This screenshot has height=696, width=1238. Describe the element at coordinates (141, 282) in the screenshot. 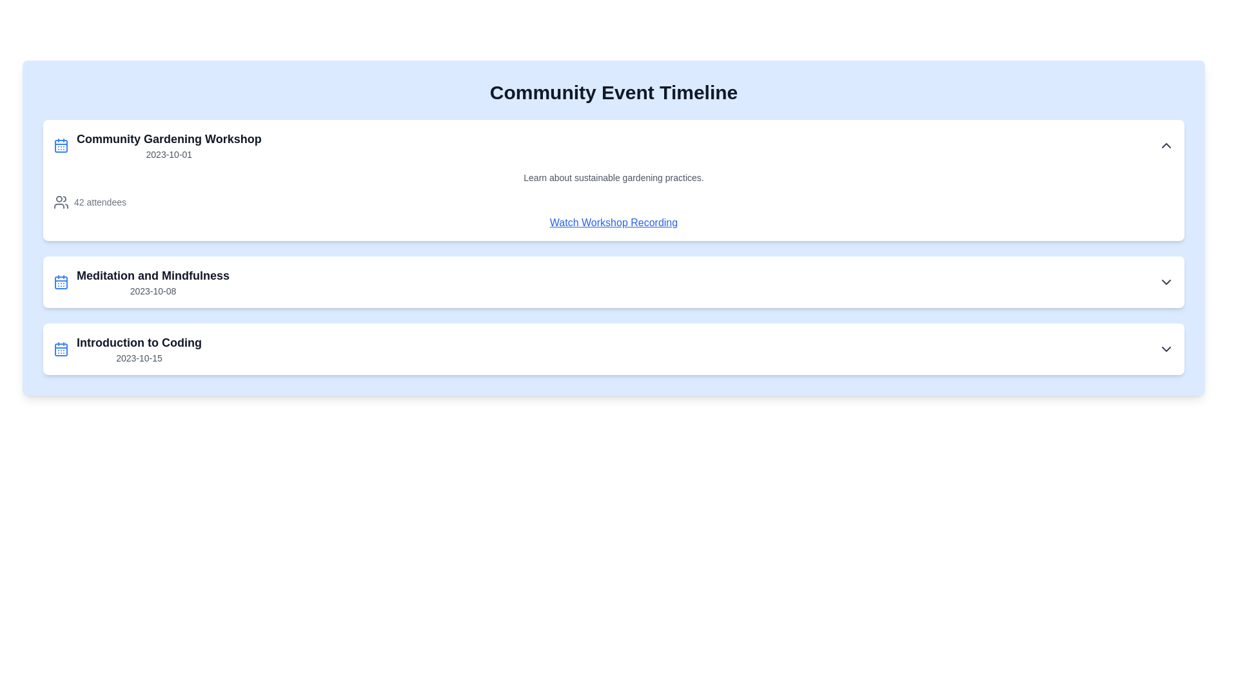

I see `the second event card titled 'Meditation and Mindfulness' in the blue-background section labeled 'Community Event Timeline'` at that location.